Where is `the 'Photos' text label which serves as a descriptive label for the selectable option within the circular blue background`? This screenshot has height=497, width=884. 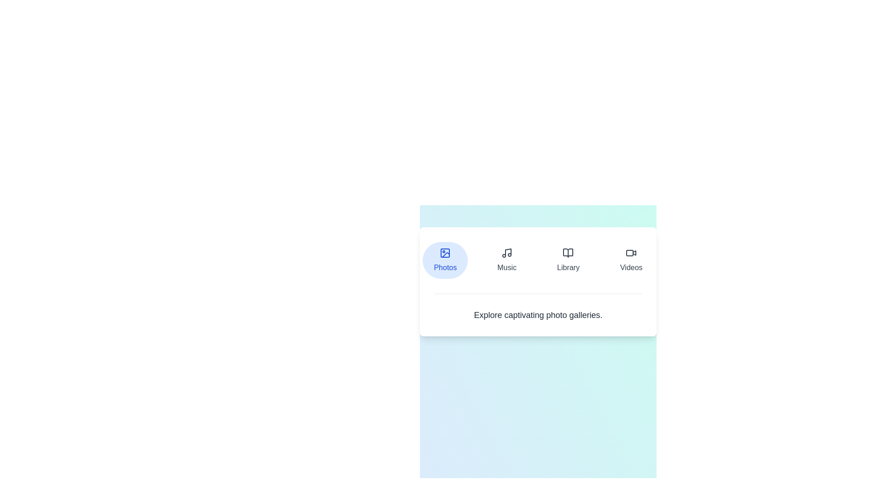
the 'Photos' text label which serves as a descriptive label for the selectable option within the circular blue background is located at coordinates (445, 268).